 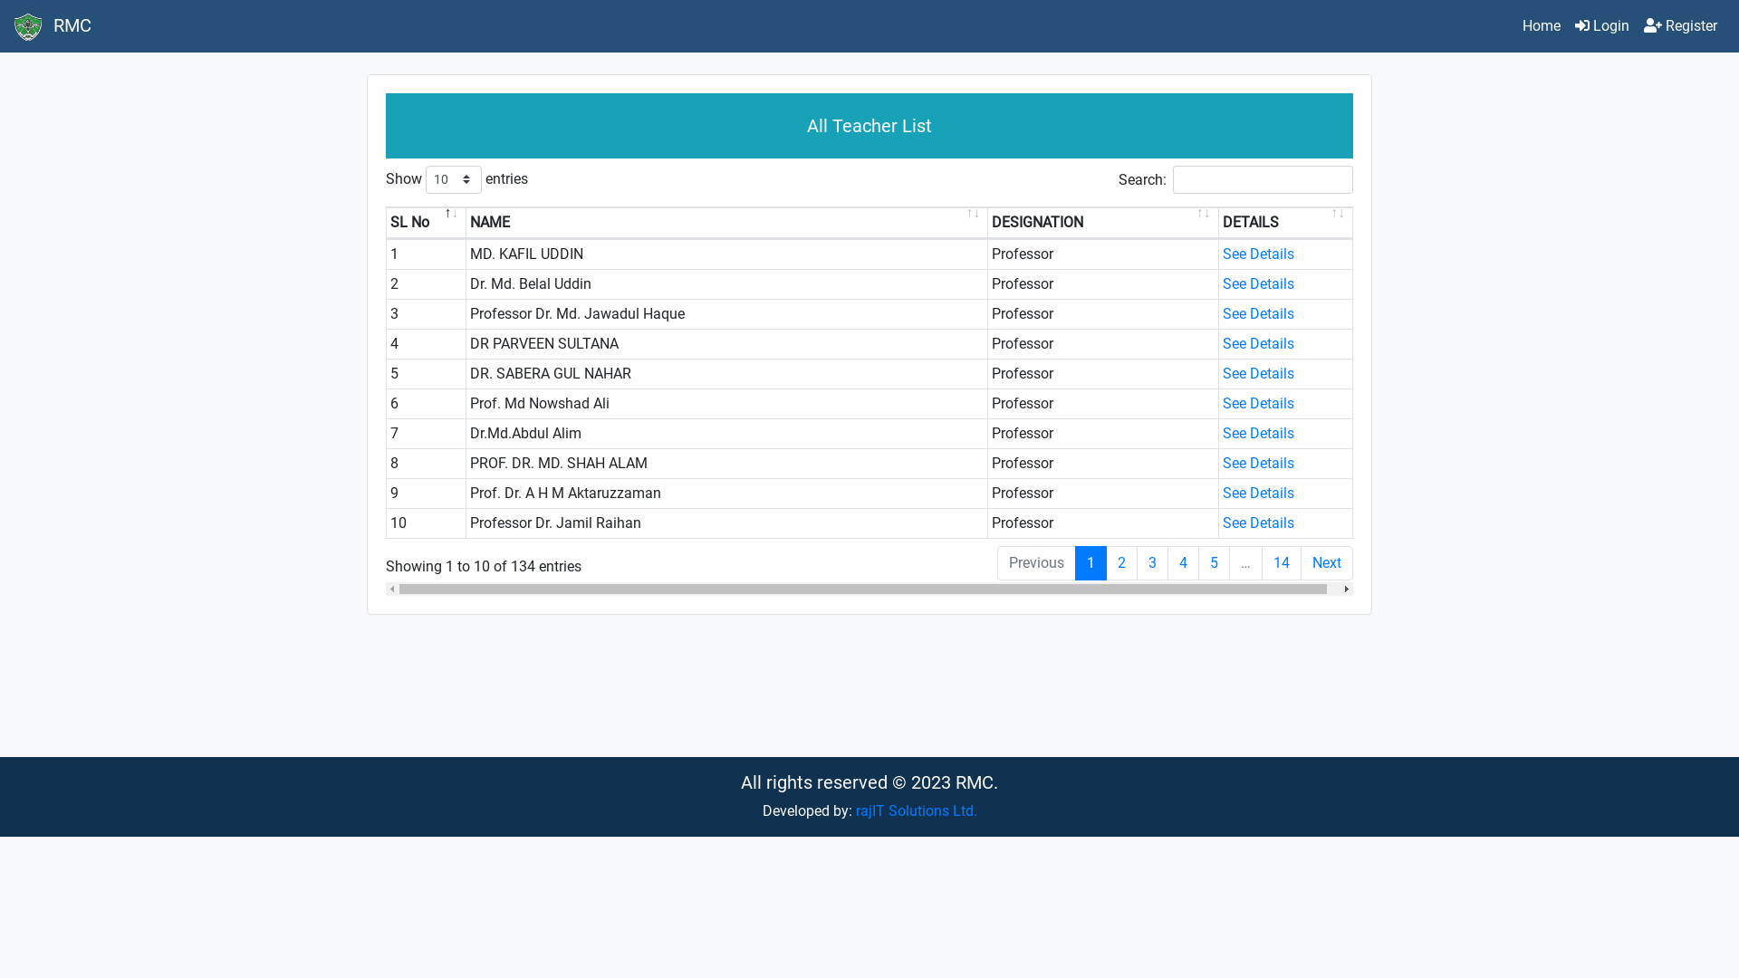 What do you see at coordinates (1257, 462) in the screenshot?
I see `'See Details'` at bounding box center [1257, 462].